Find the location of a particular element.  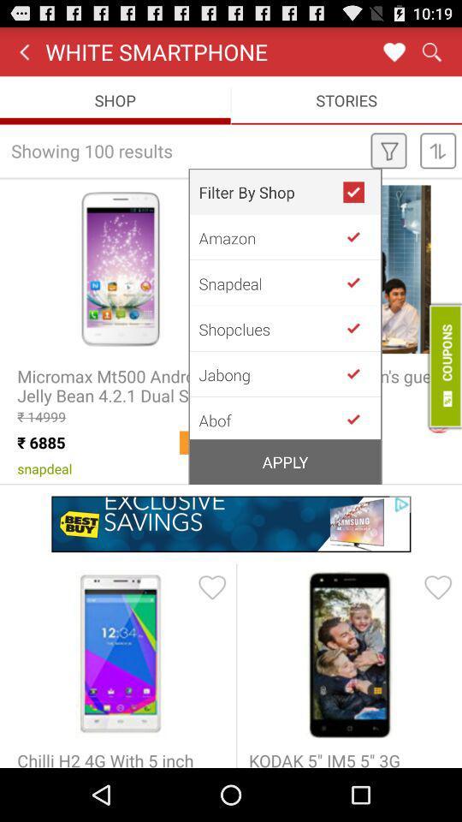

the item to the right of the filter by shop is located at coordinates (360, 192).